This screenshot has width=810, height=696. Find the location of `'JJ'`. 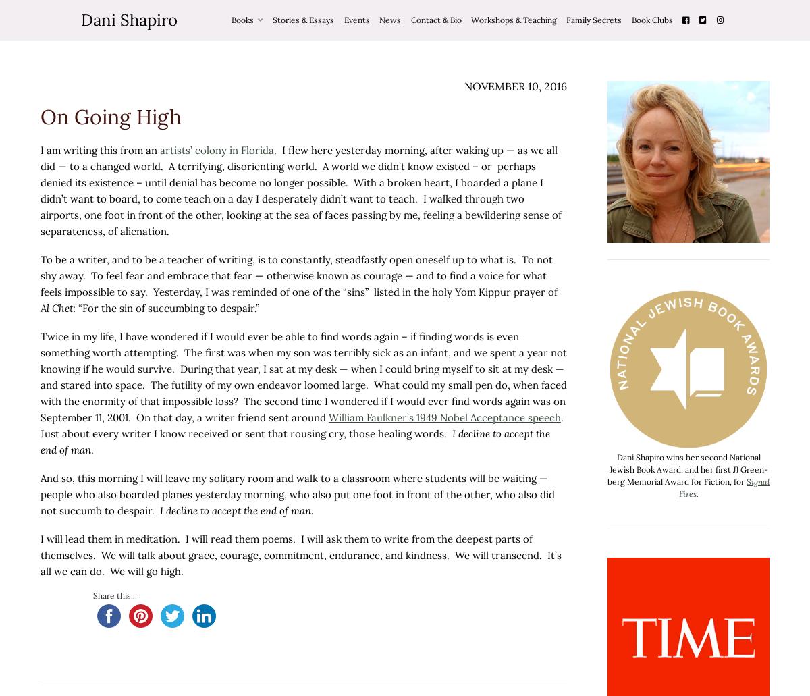

'JJ' is located at coordinates (732, 469).